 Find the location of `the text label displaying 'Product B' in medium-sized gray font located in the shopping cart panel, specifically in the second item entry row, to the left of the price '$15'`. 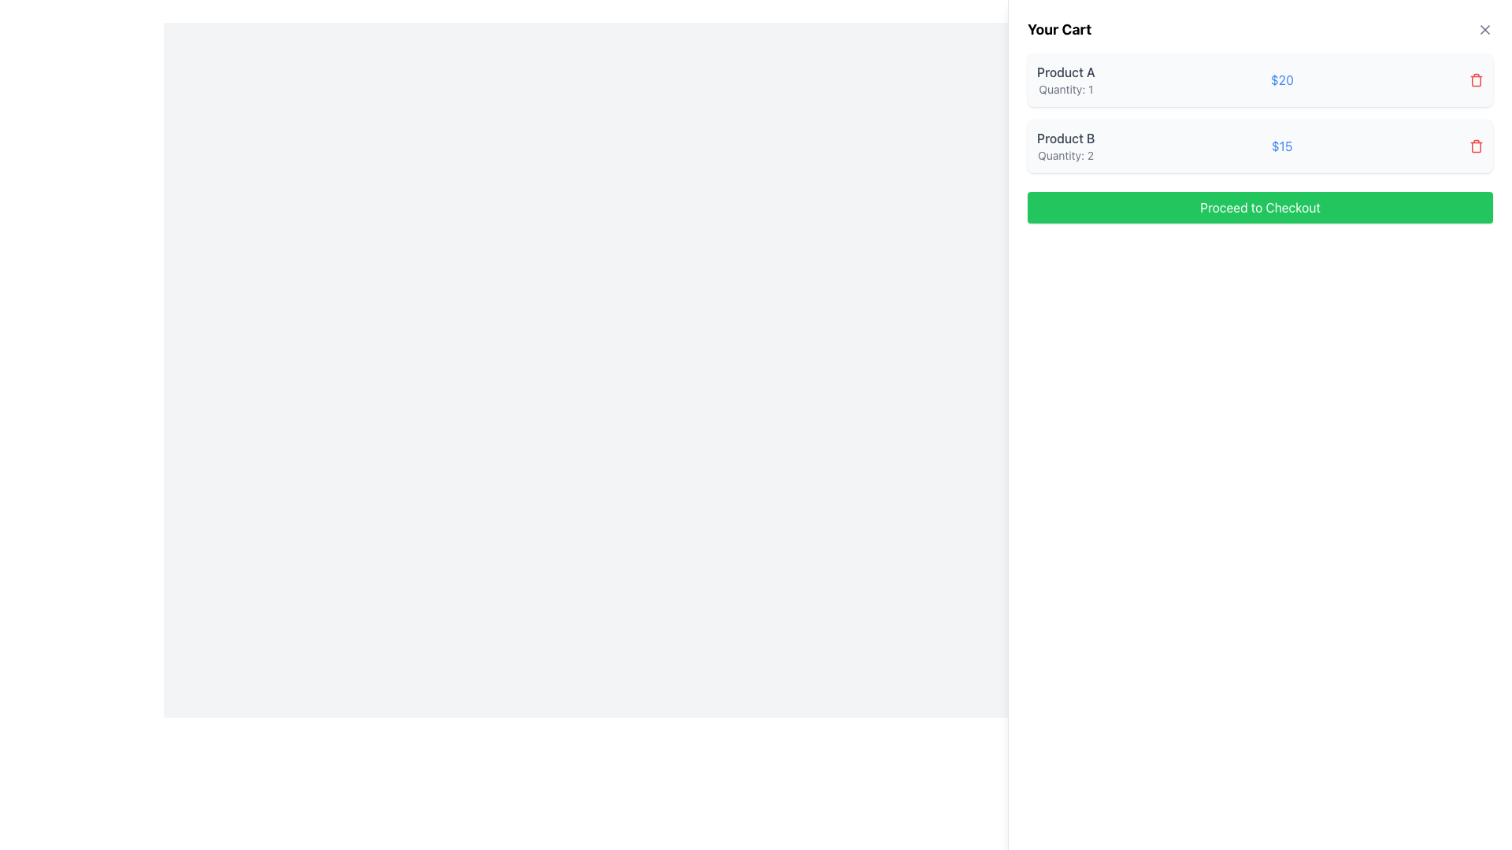

the text label displaying 'Product B' in medium-sized gray font located in the shopping cart panel, specifically in the second item entry row, to the left of the price '$15' is located at coordinates (1065, 138).